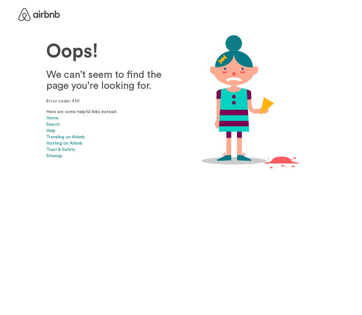  Describe the element at coordinates (54, 155) in the screenshot. I see `'Sitemap'` at that location.